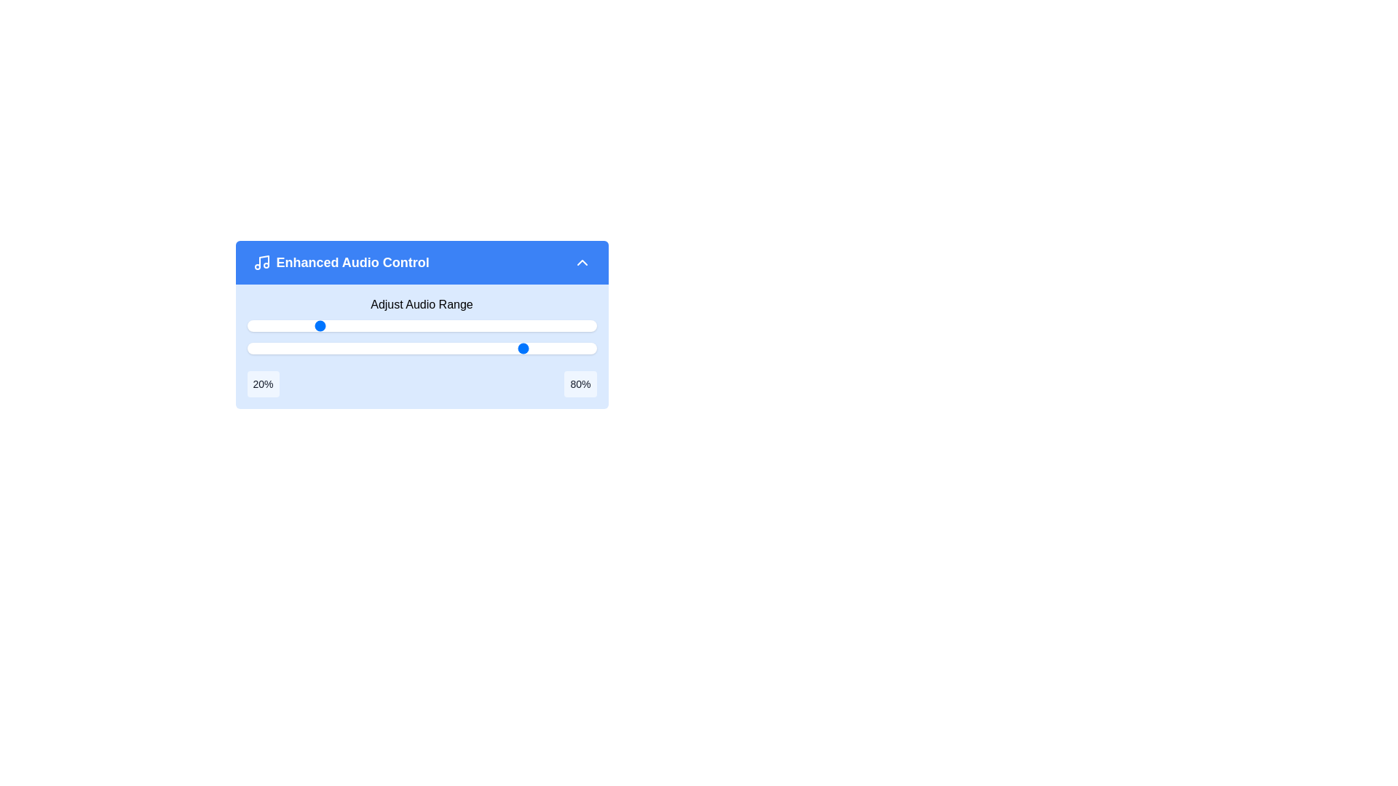  What do you see at coordinates (421, 263) in the screenshot?
I see `the Header bar with toggle control` at bounding box center [421, 263].